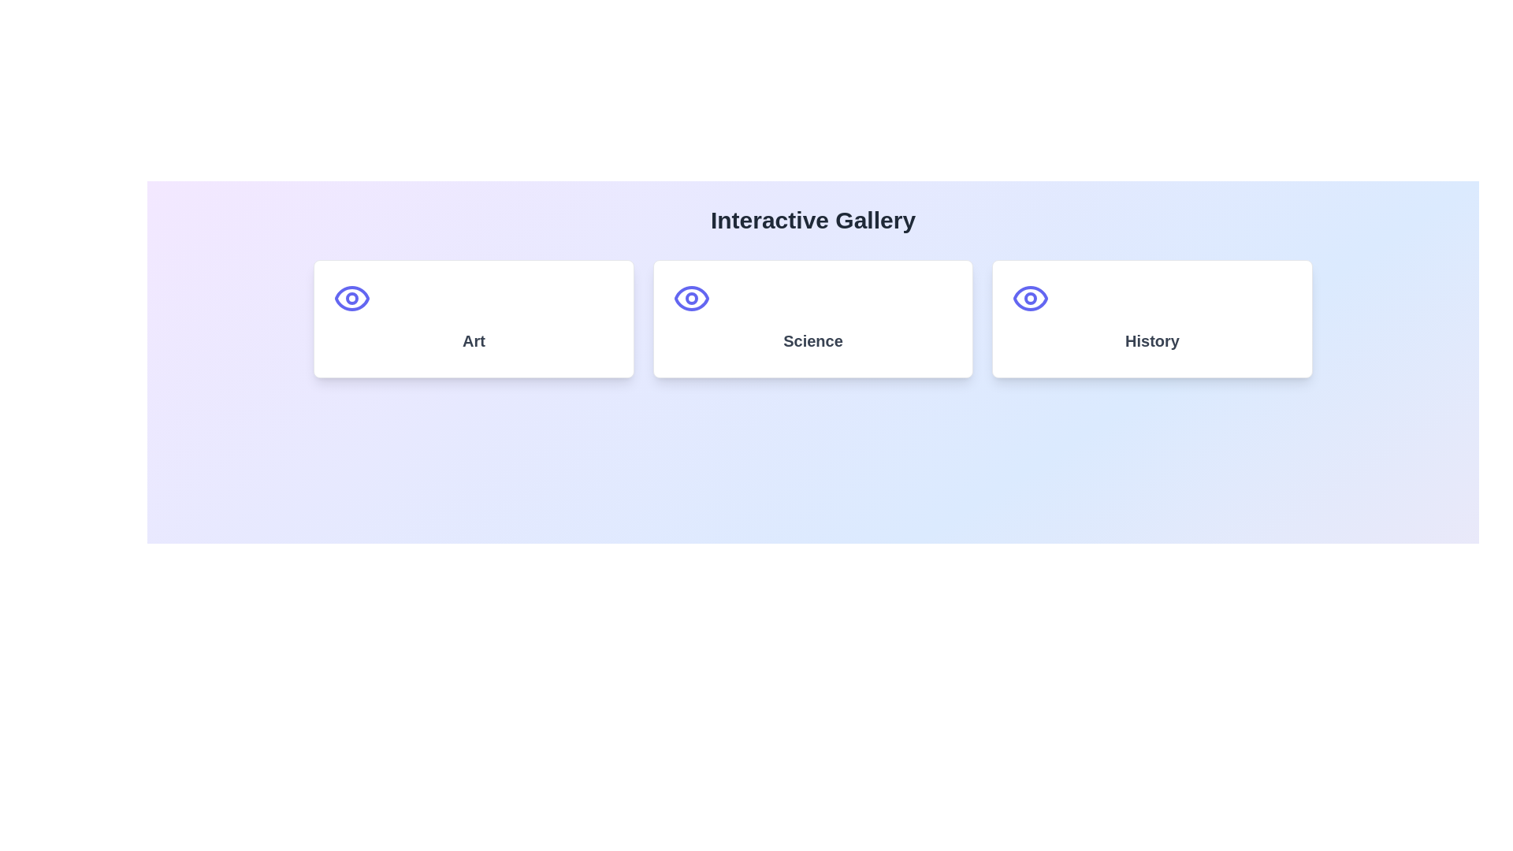 Image resolution: width=1513 pixels, height=851 pixels. Describe the element at coordinates (813, 340) in the screenshot. I see `the text heading labeled 'Science', which is styled in a larger bold font, gray color, and positioned centrally within a white rectangular card with rounded corners` at that location.